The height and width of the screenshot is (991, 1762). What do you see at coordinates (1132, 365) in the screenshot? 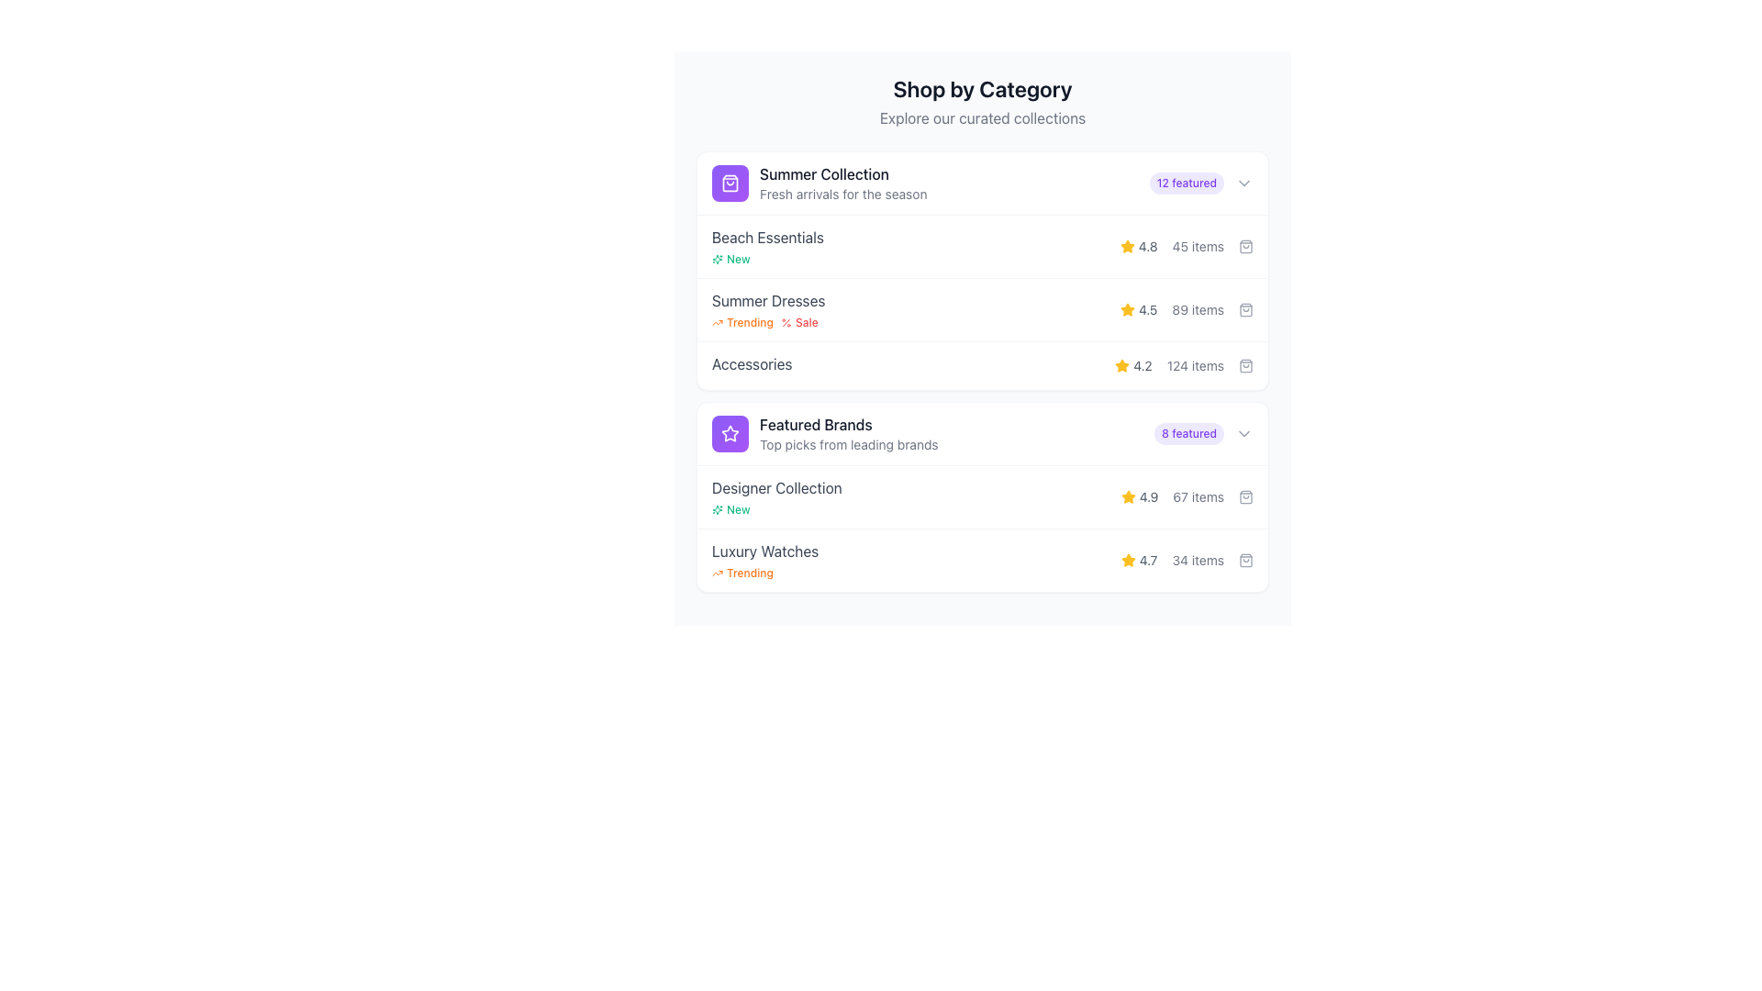
I see `the rating element for the 'Accessories' category, which consists of a star icon and a rating number, located on the right side of the 'Accessories' entry in the 'Shop by Category' section` at bounding box center [1132, 365].